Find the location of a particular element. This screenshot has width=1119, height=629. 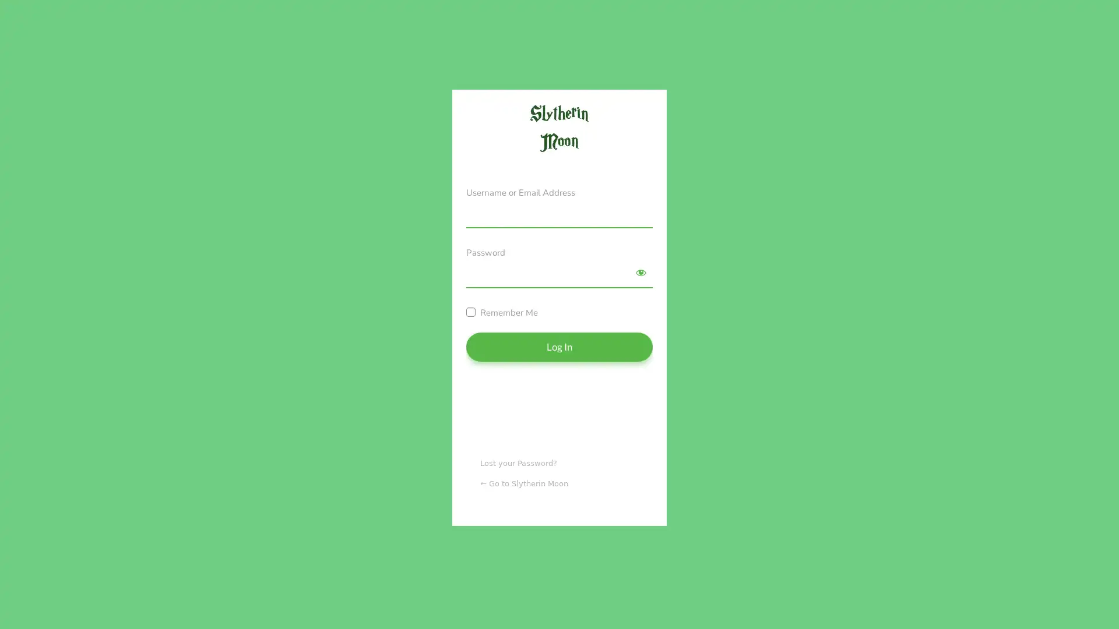

Log In is located at coordinates (559, 346).